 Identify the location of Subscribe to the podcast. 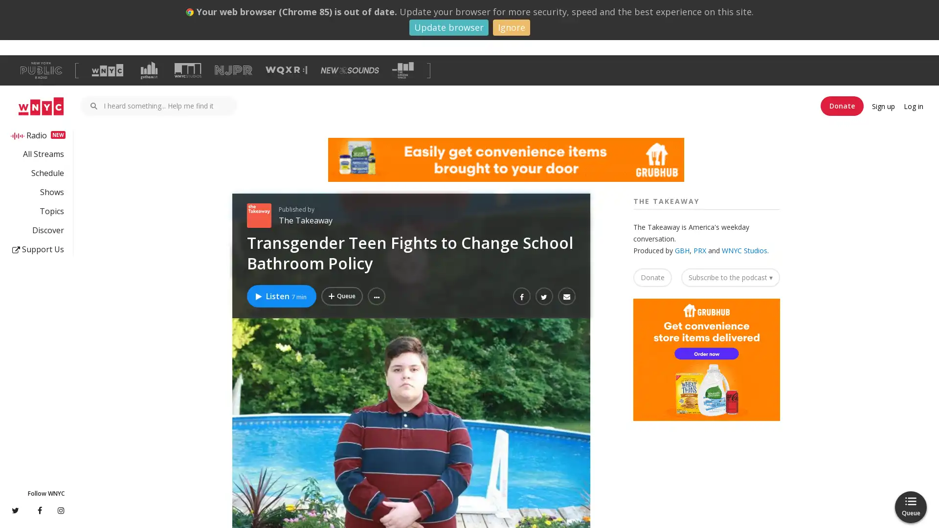
(730, 277).